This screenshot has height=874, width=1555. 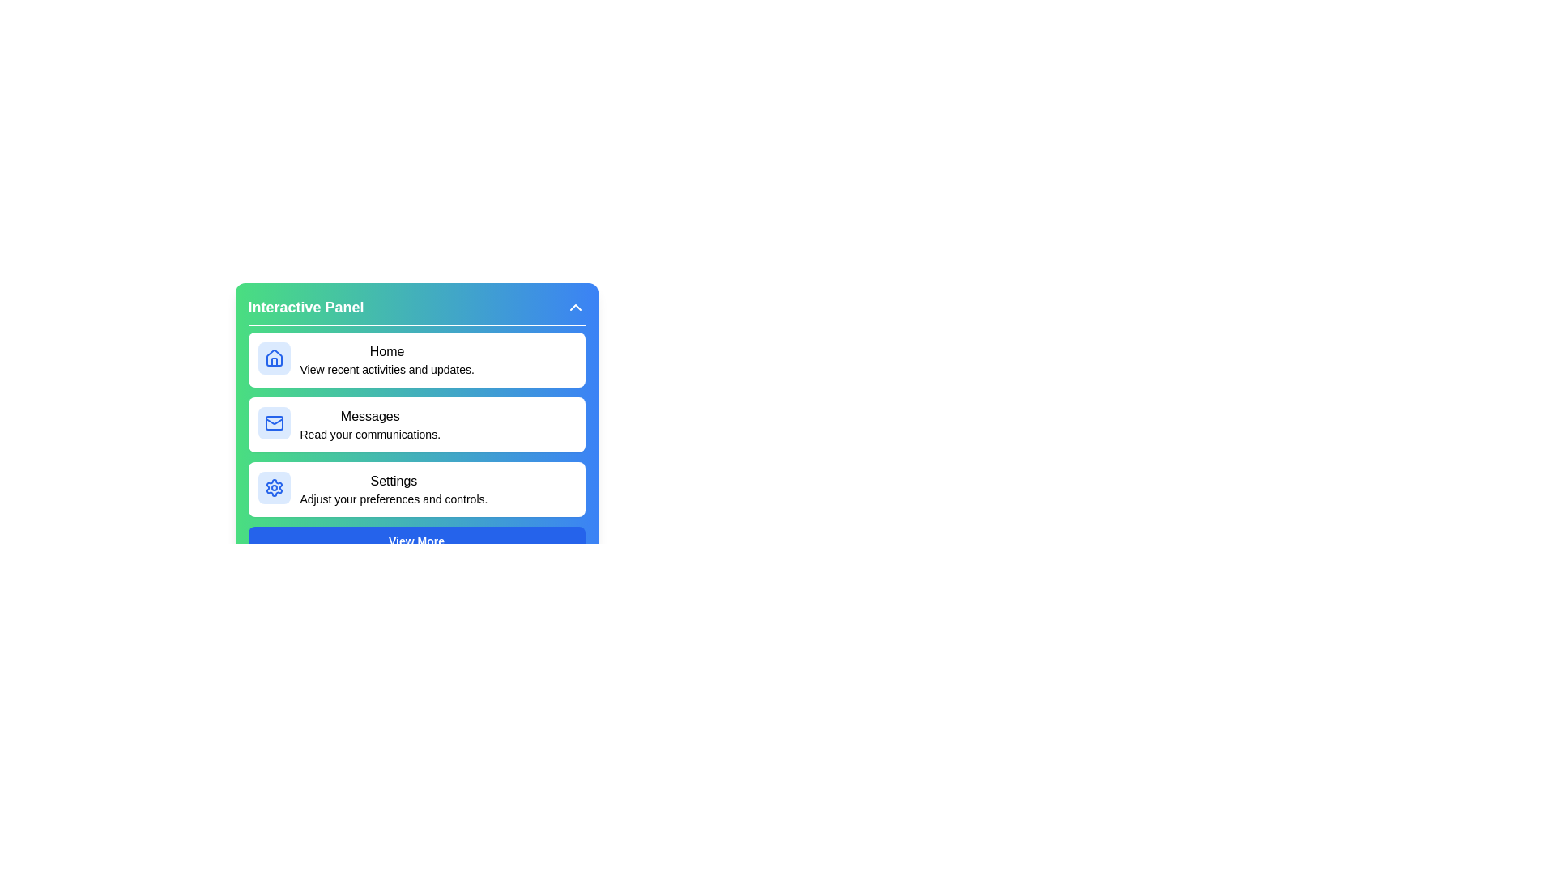 I want to click on the menu item labeled Messages to preview its details, so click(x=416, y=423).